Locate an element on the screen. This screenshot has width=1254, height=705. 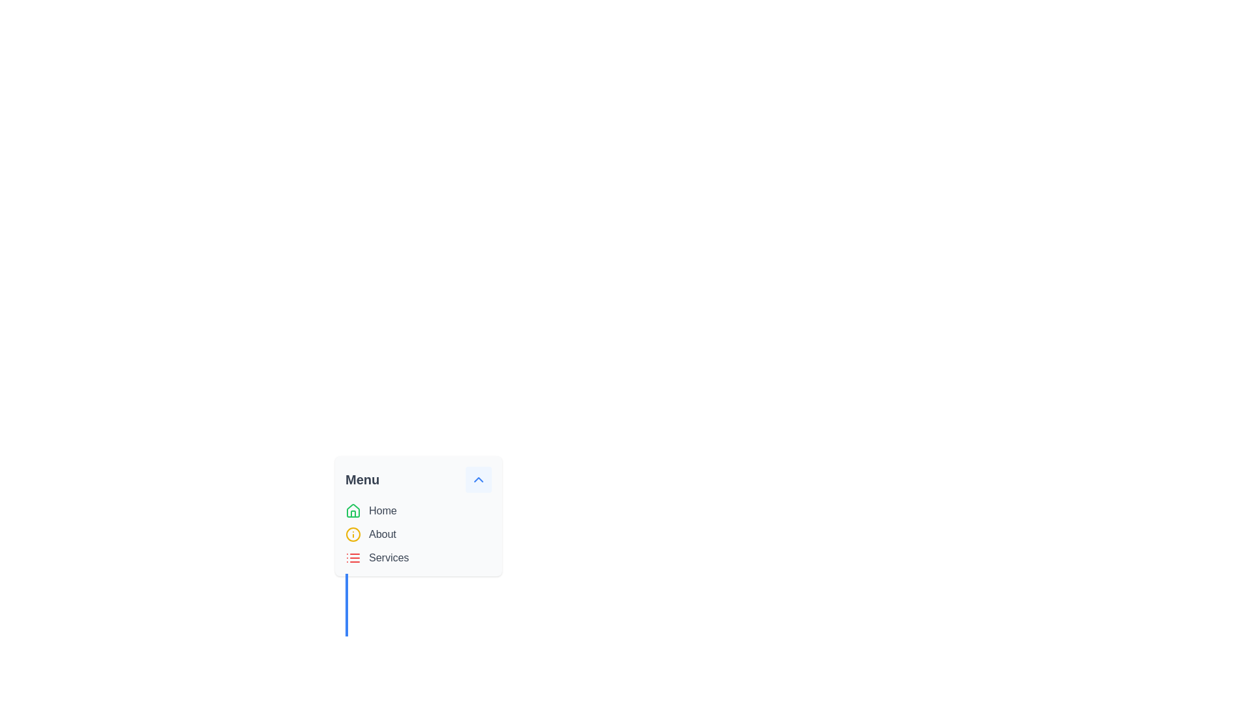
the 'About' text label, which is a gray-colored menu item styled with 'text-gray-700', located centrally under the 'Menu' header is located at coordinates (381, 534).